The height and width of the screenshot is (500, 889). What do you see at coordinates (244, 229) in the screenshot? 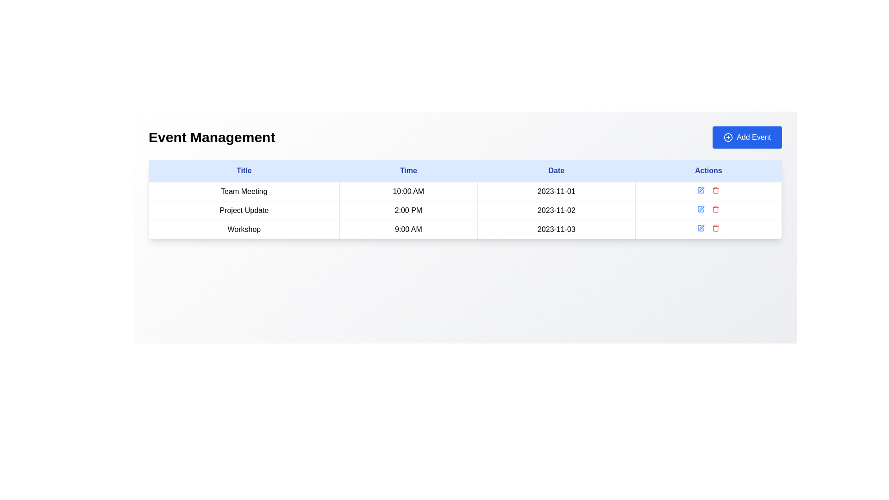
I see `the text label representing the title of a scheduled event located in the leftmost column of the third row below 'Project Update' and above the next row entry` at bounding box center [244, 229].